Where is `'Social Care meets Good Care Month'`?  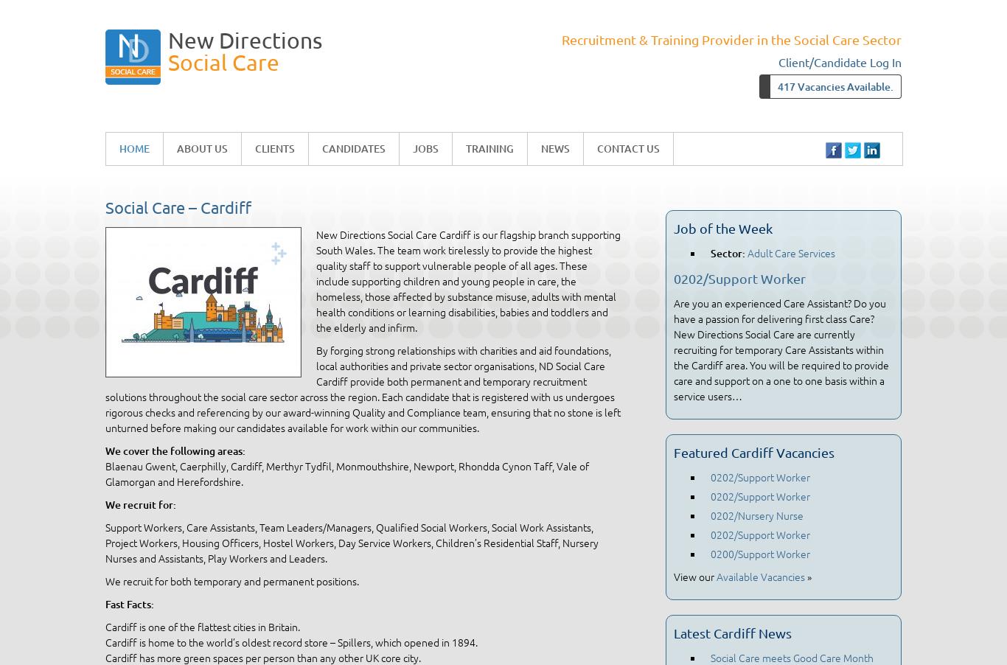 'Social Care meets Good Care Month' is located at coordinates (791, 657).